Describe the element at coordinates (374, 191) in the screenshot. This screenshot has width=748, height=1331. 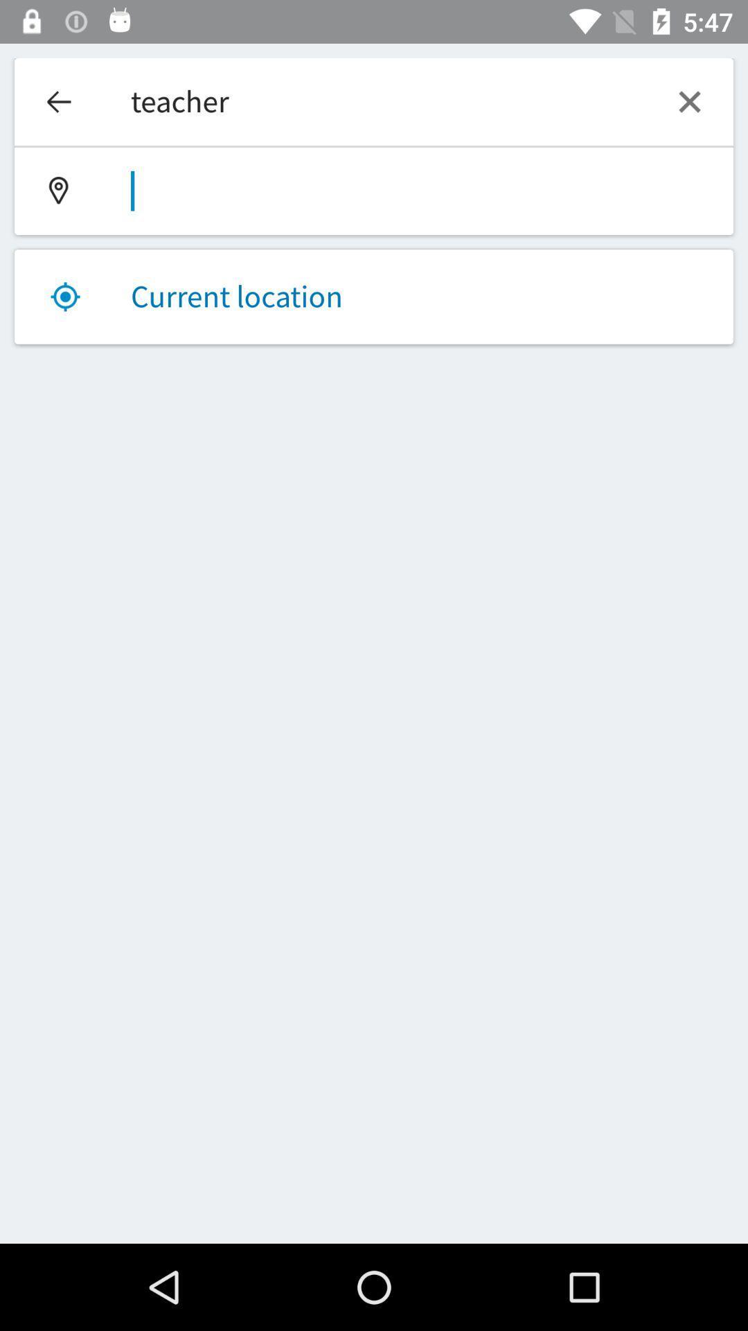
I see `the icon above the current location icon` at that location.